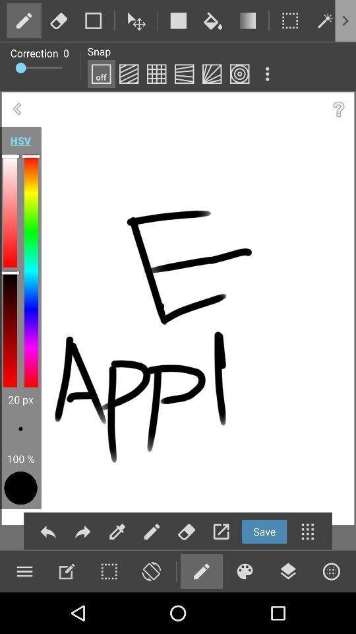 The width and height of the screenshot is (356, 634). What do you see at coordinates (186, 532) in the screenshot?
I see `use eraser` at bounding box center [186, 532].